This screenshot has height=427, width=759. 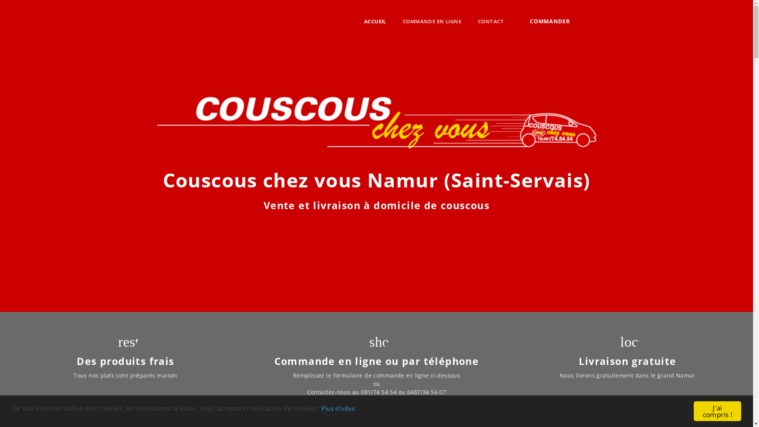 What do you see at coordinates (338, 408) in the screenshot?
I see `'Plus d'infos'` at bounding box center [338, 408].